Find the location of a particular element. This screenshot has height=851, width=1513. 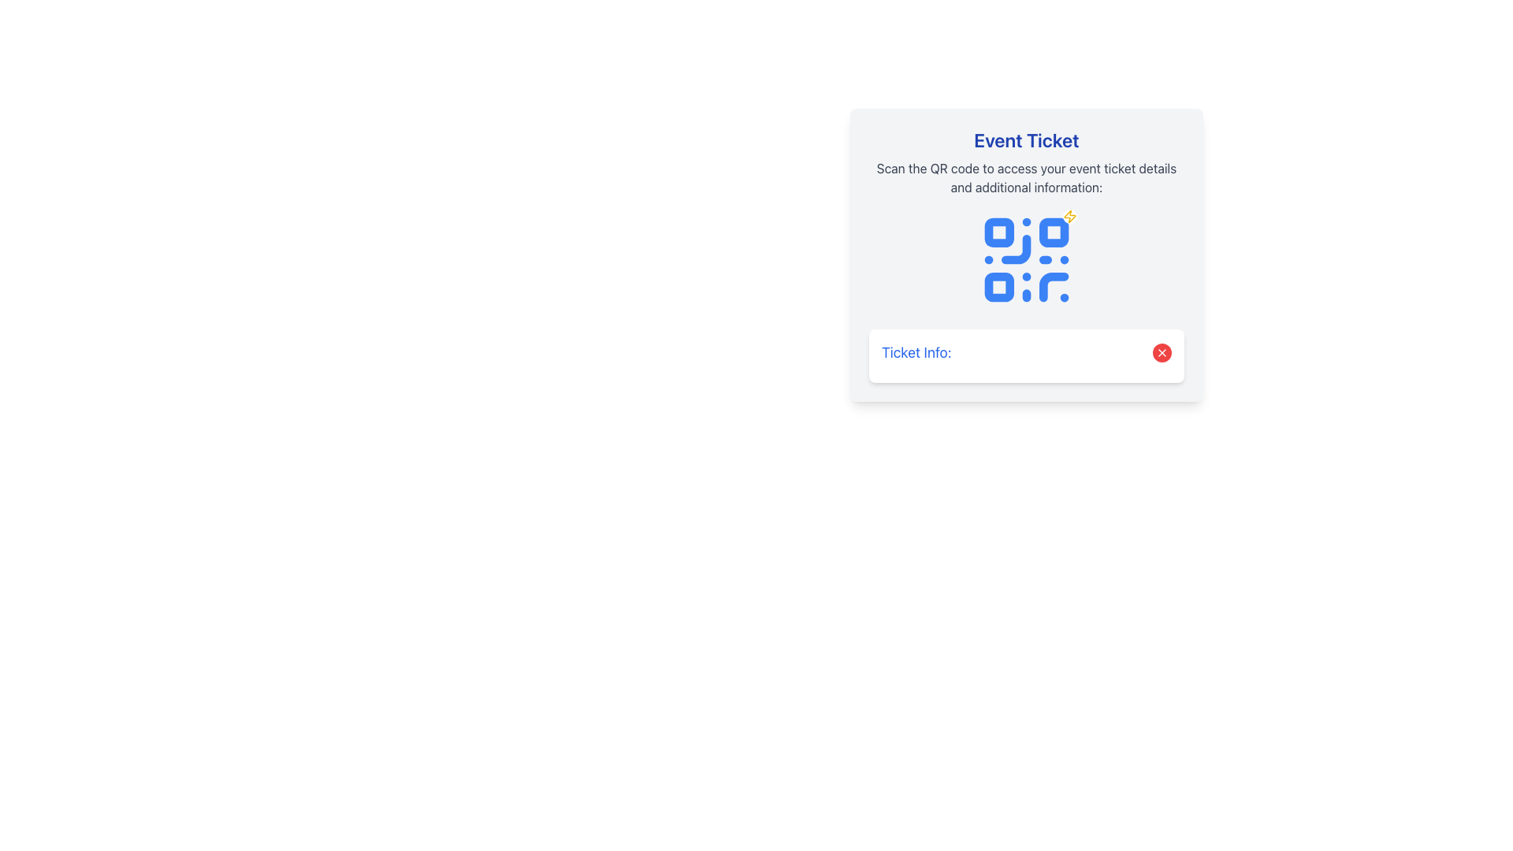

the second square in the second row of the QR code design, which is styled with a blue fill and white borders, located centrally beneath the title and description text is located at coordinates (1054, 232).